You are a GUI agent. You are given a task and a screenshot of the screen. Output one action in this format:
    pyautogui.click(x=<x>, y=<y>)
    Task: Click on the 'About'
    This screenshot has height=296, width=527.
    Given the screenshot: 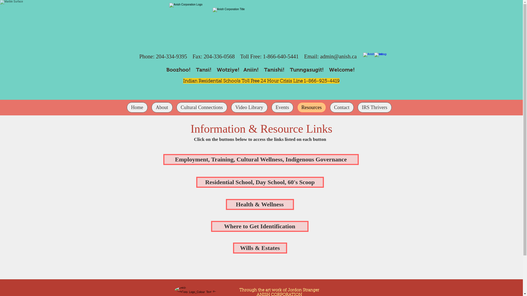 What is the action you would take?
    pyautogui.click(x=162, y=107)
    